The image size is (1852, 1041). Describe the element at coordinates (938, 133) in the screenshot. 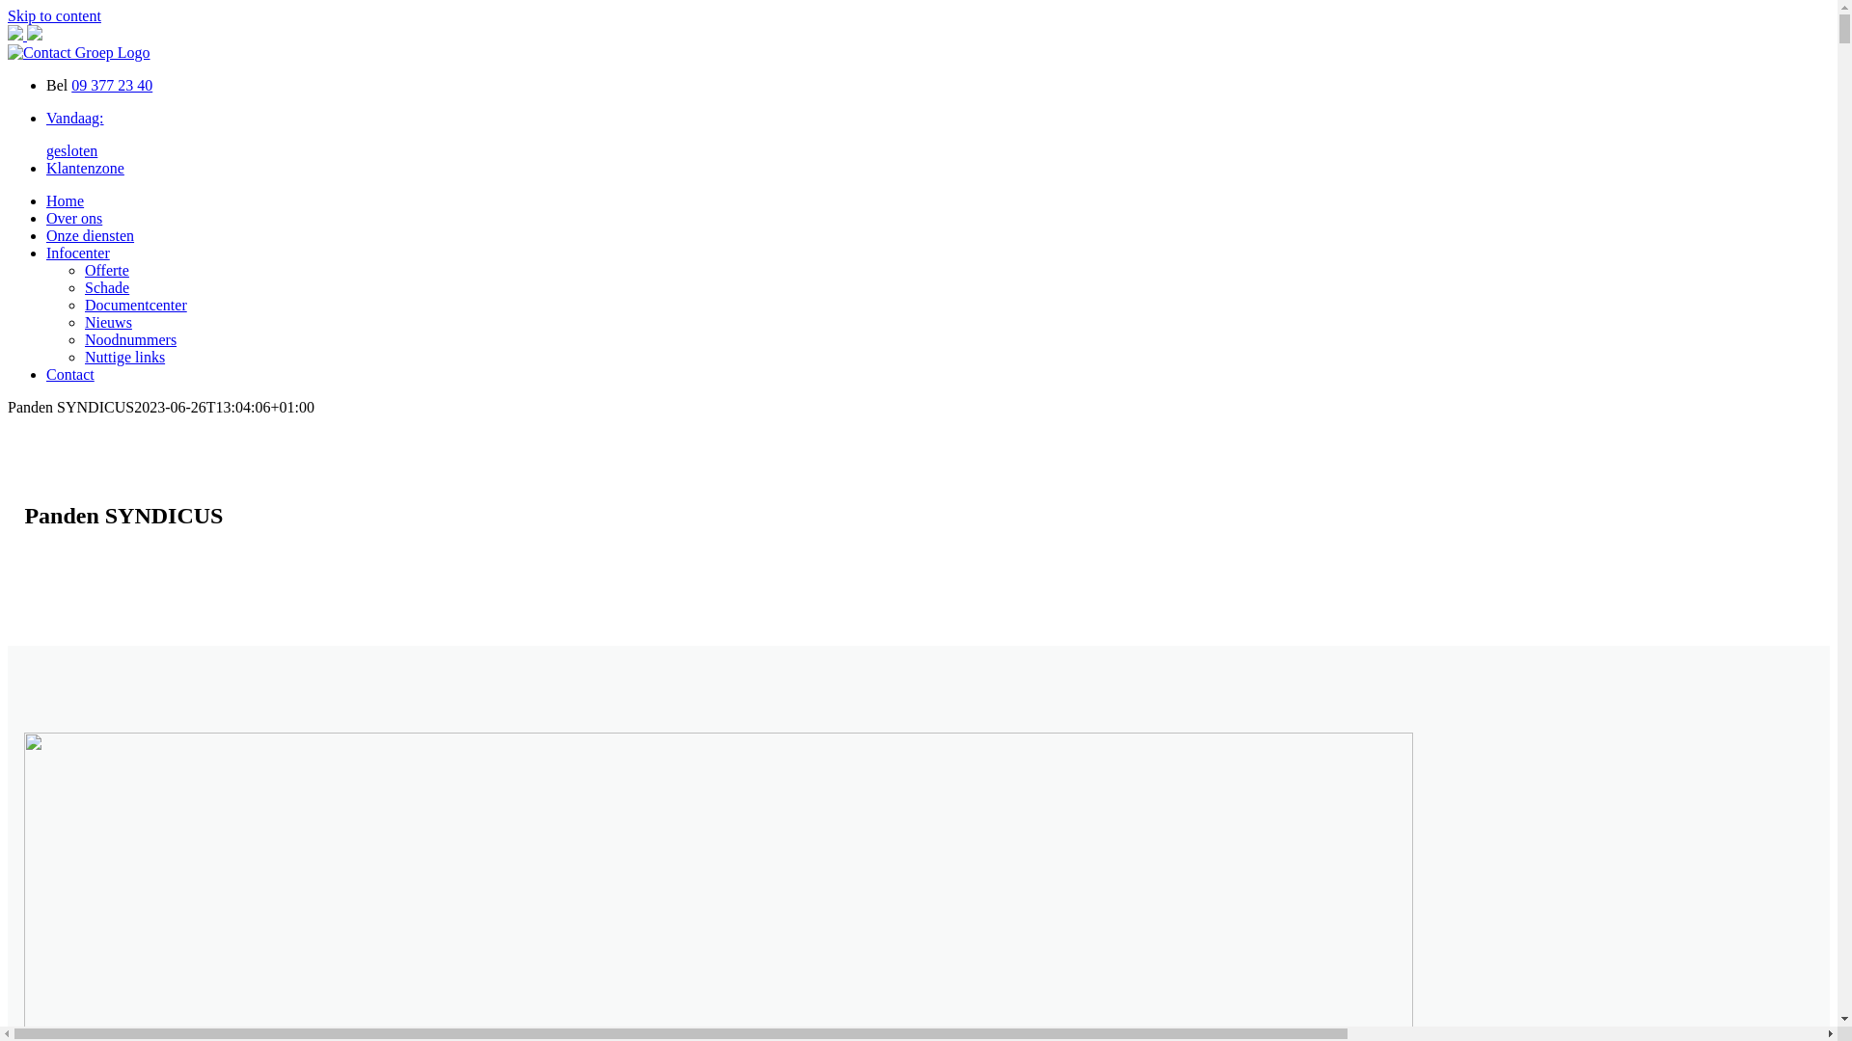

I see `'Vandaag:` at that location.